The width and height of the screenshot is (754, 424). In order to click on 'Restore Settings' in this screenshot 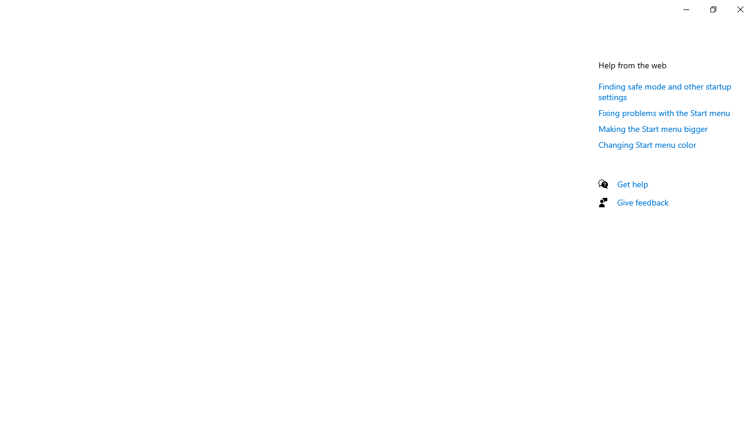, I will do `click(712, 9)`.